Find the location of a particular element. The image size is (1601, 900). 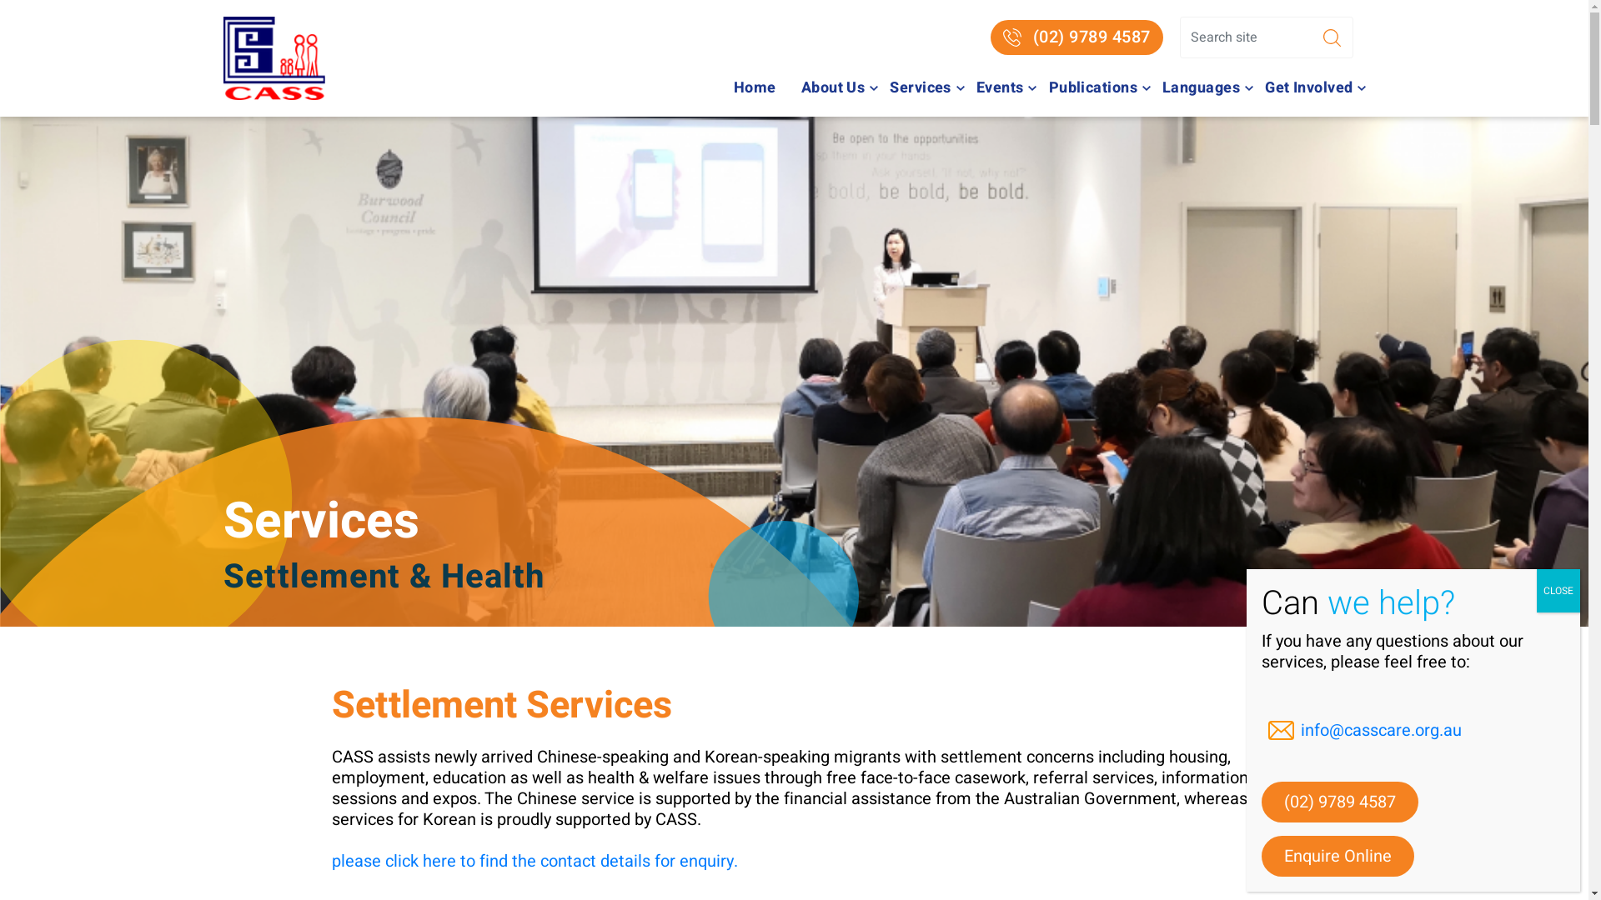

'Get Involved' is located at coordinates (1307, 87).